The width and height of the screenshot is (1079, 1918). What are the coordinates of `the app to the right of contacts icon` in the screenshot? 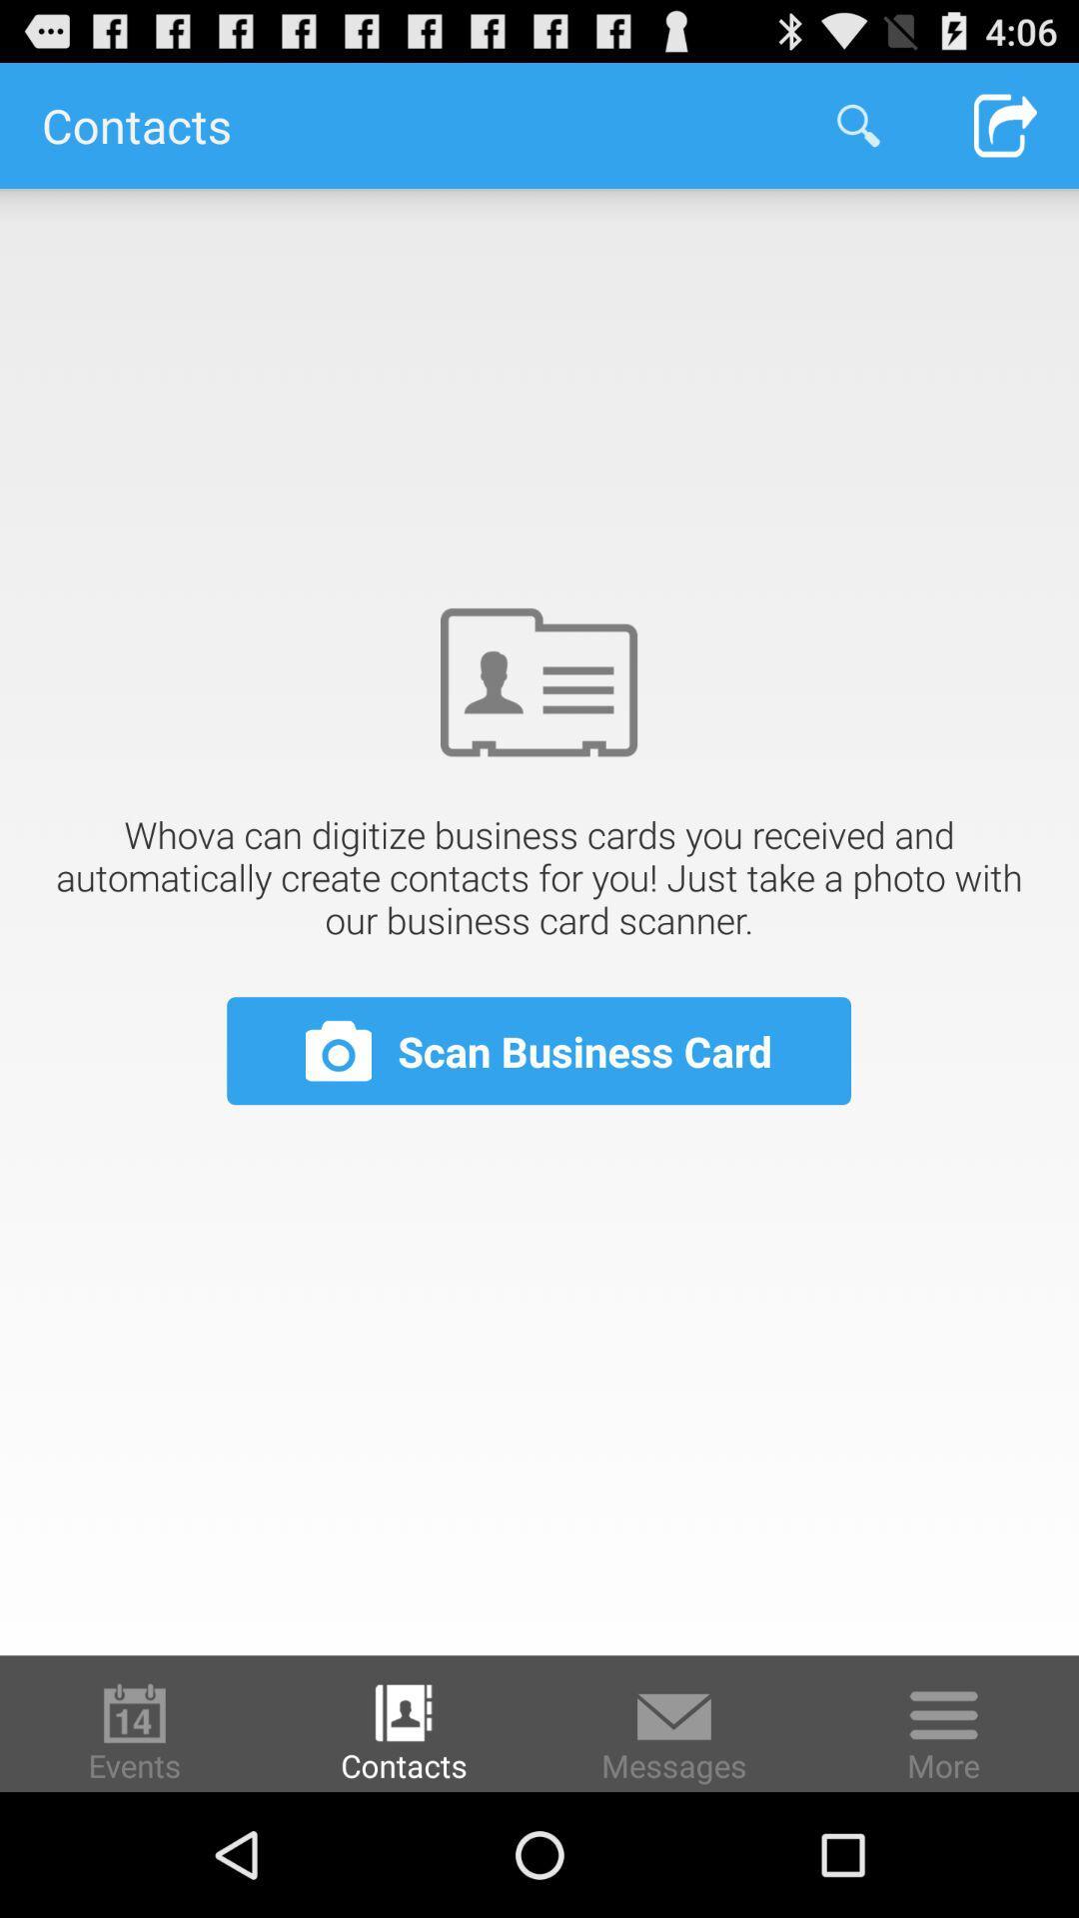 It's located at (857, 124).